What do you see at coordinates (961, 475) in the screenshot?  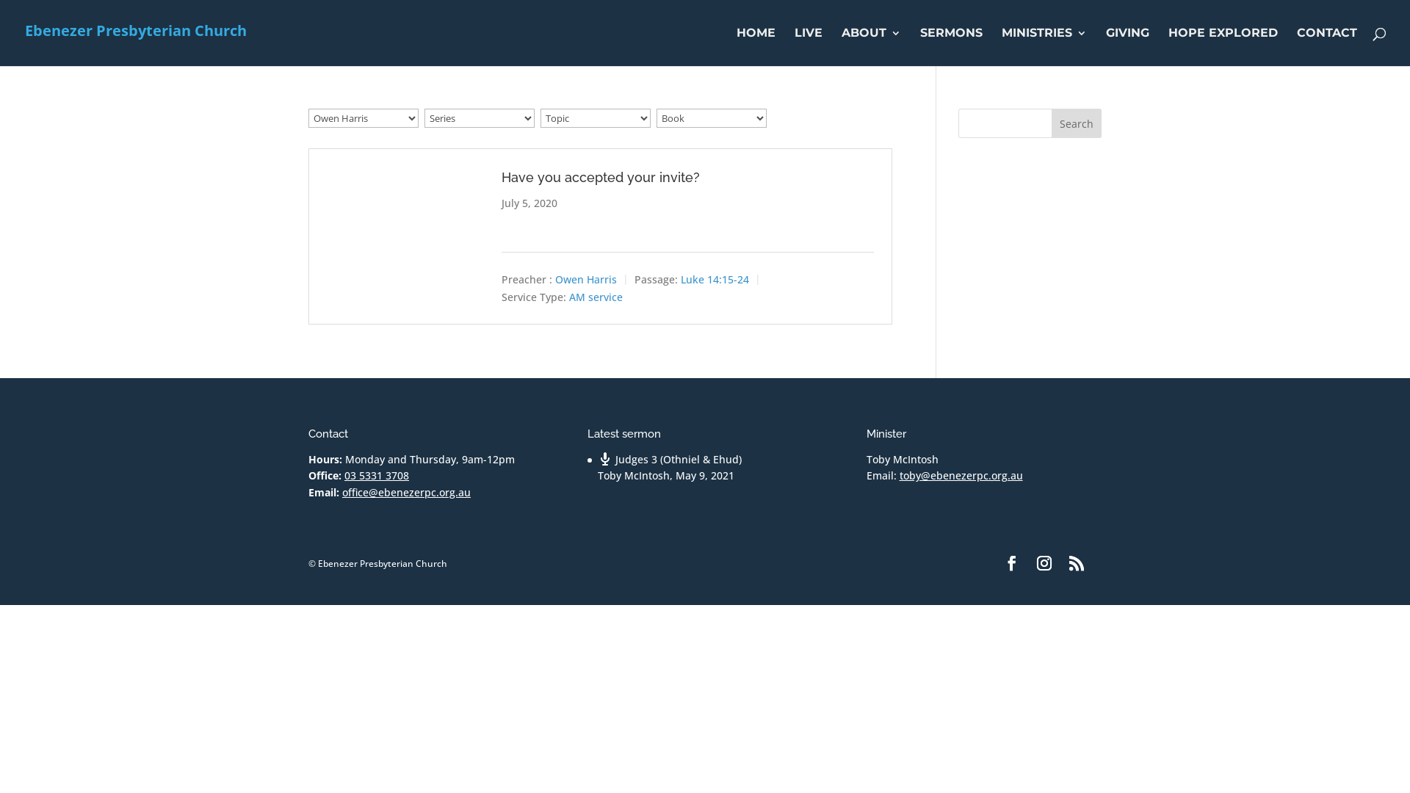 I see `'toby@ebenezerpc.org.au'` at bounding box center [961, 475].